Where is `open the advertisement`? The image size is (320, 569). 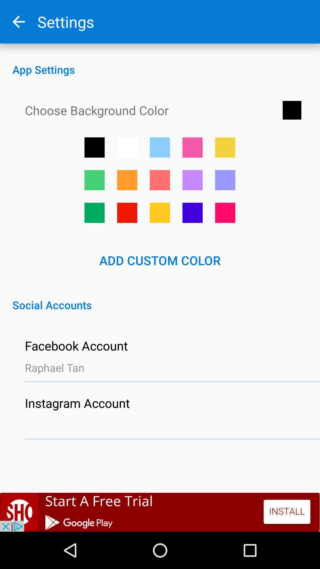
open the advertisement is located at coordinates (160, 512).